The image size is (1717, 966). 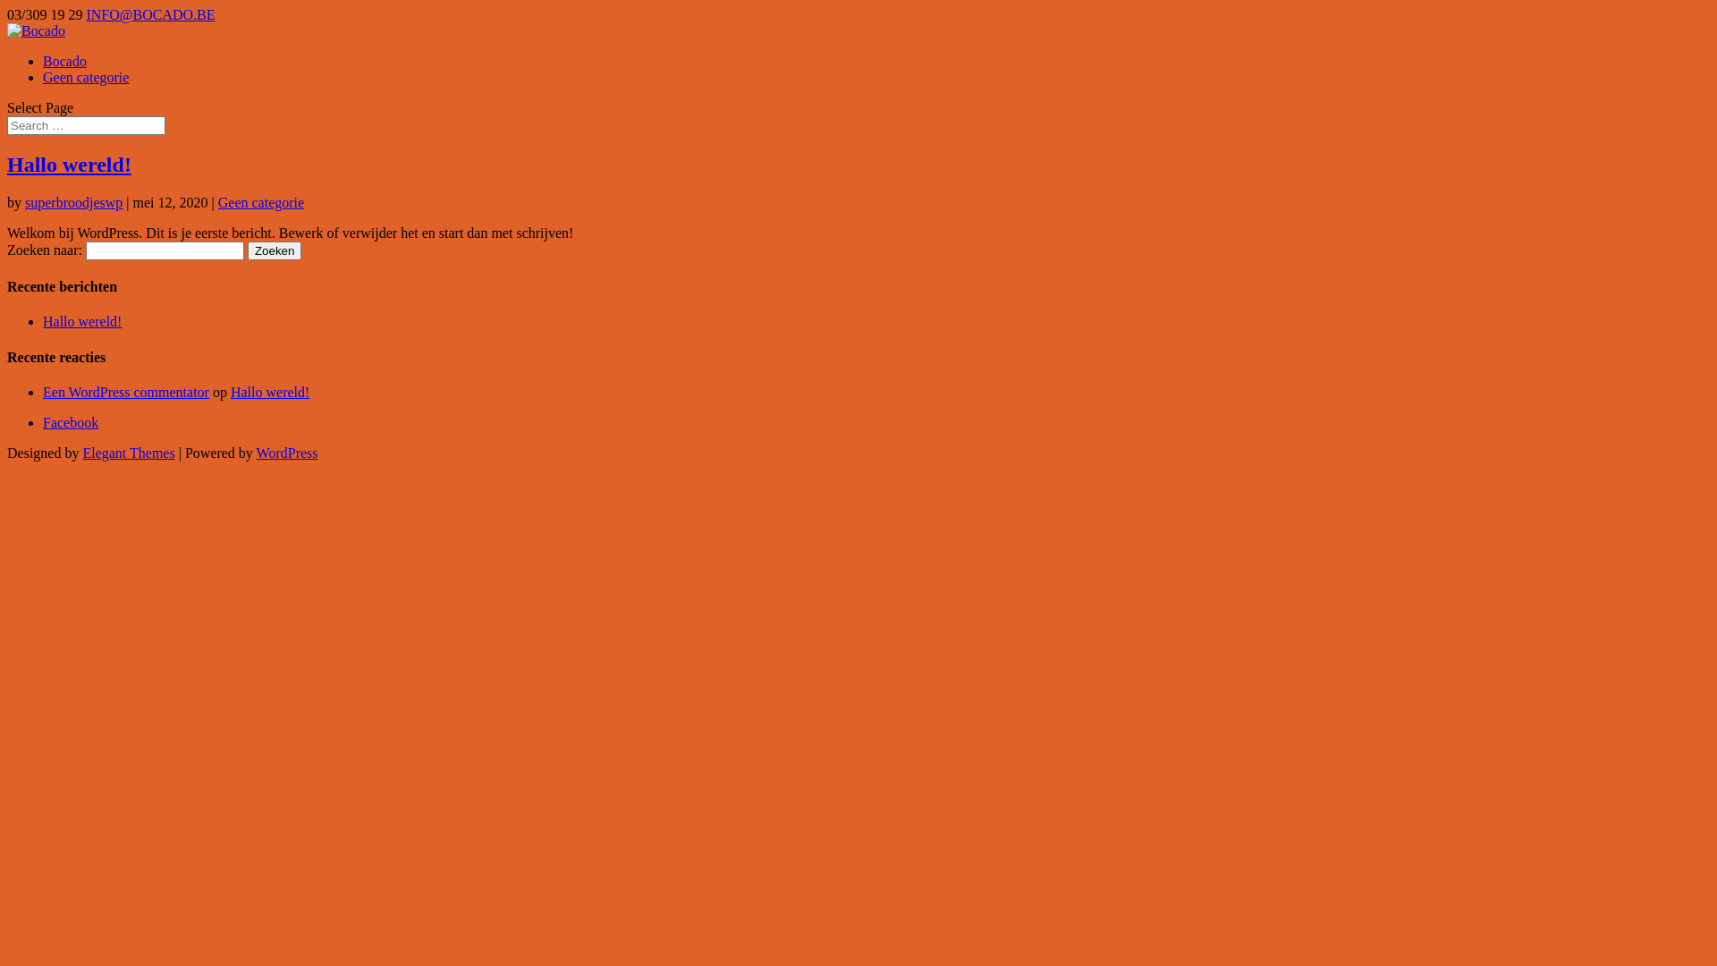 What do you see at coordinates (80, 452) in the screenshot?
I see `'Elegant Themes'` at bounding box center [80, 452].